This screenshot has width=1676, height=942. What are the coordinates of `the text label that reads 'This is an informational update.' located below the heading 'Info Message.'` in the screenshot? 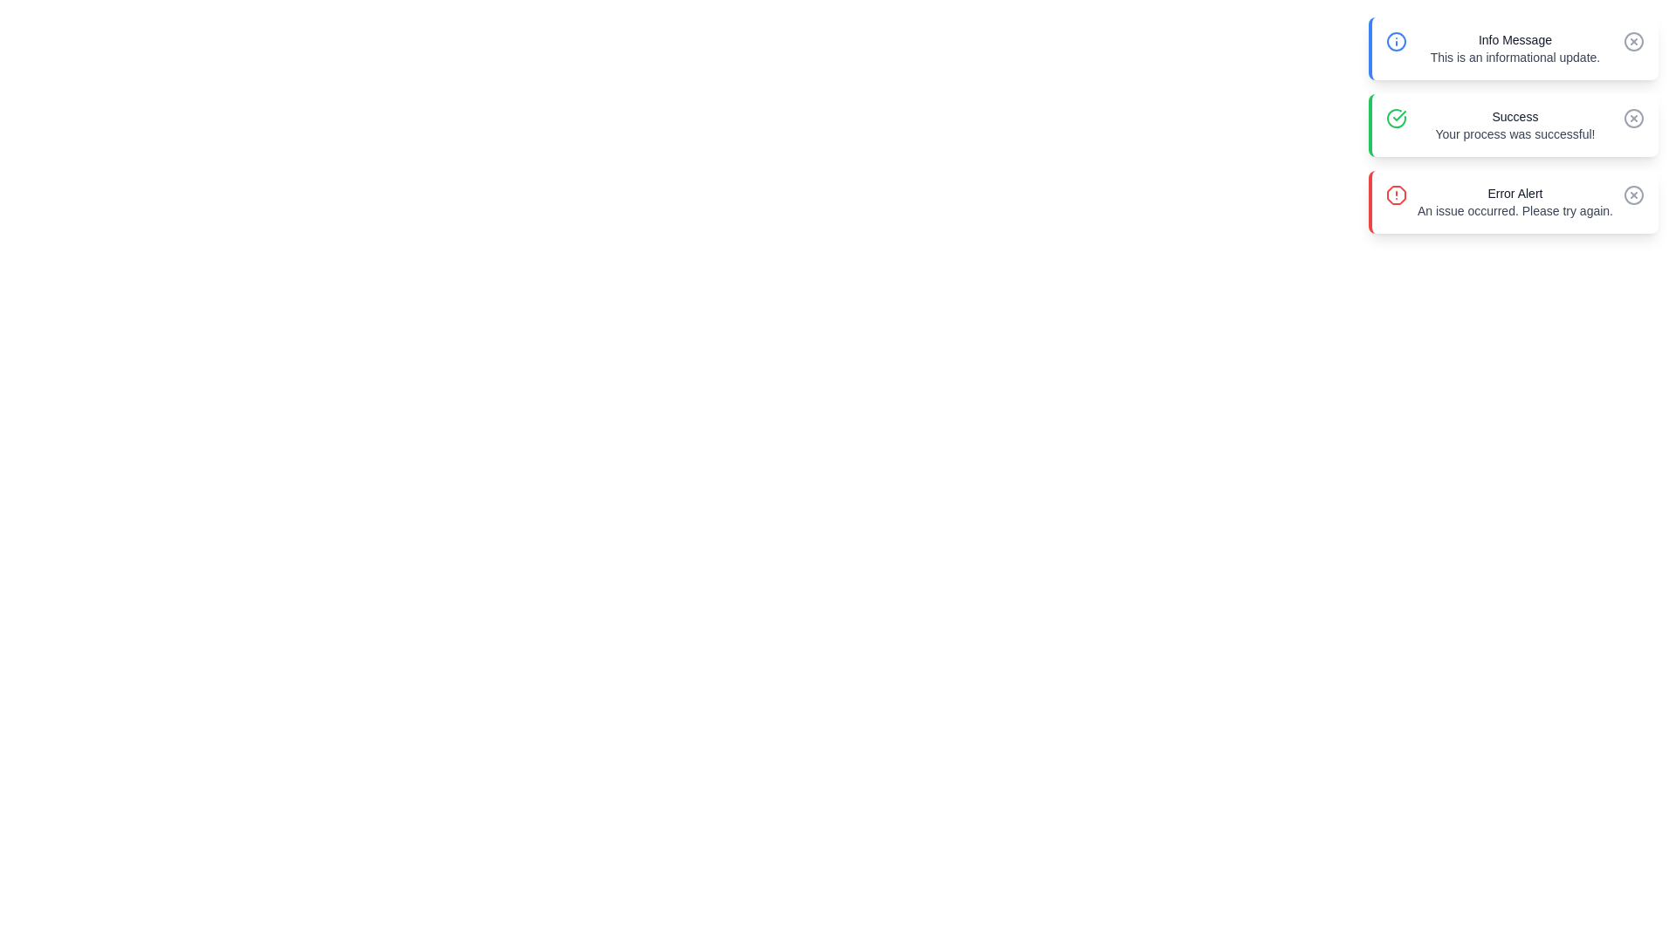 It's located at (1514, 56).